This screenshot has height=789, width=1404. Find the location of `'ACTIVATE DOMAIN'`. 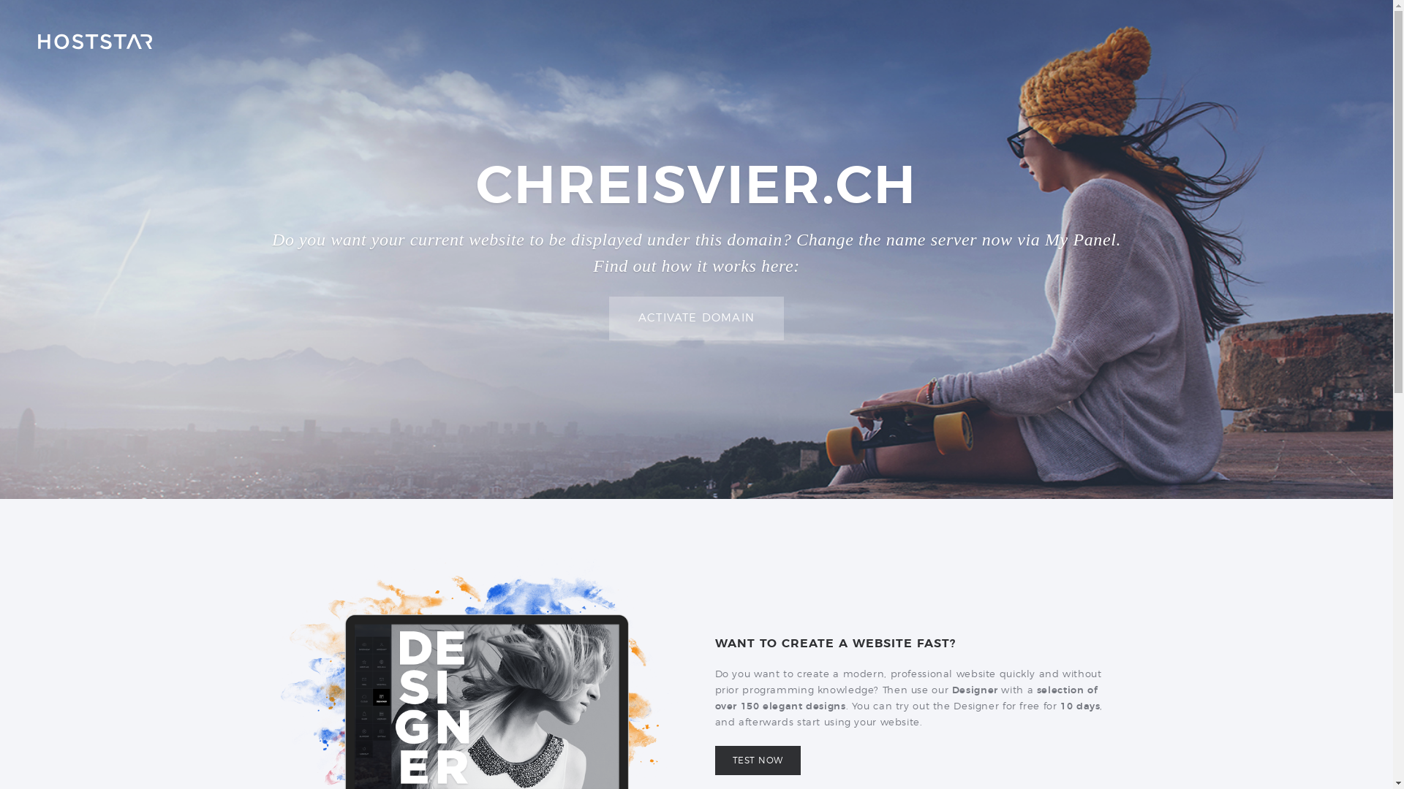

'ACTIVATE DOMAIN' is located at coordinates (695, 318).